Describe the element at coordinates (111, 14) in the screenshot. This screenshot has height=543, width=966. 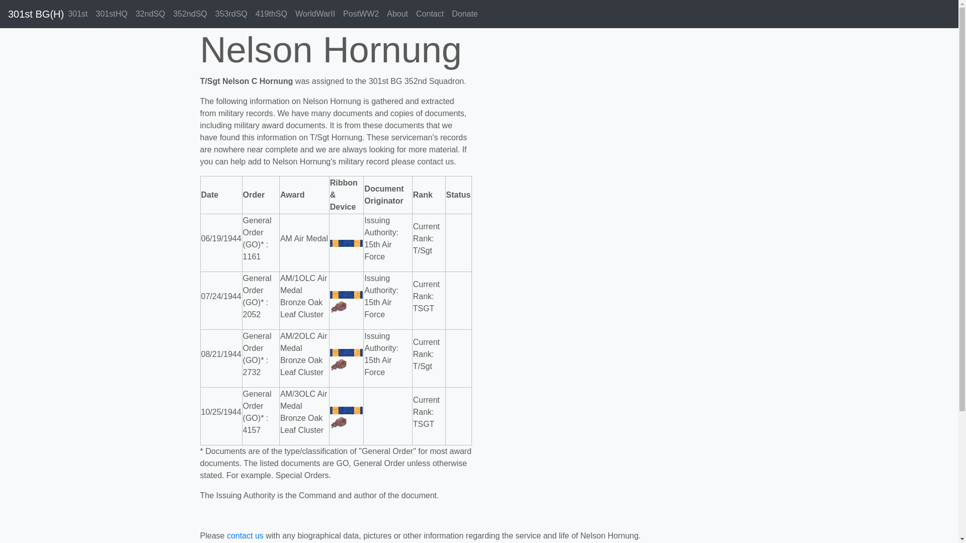
I see `'301stHQ'` at that location.